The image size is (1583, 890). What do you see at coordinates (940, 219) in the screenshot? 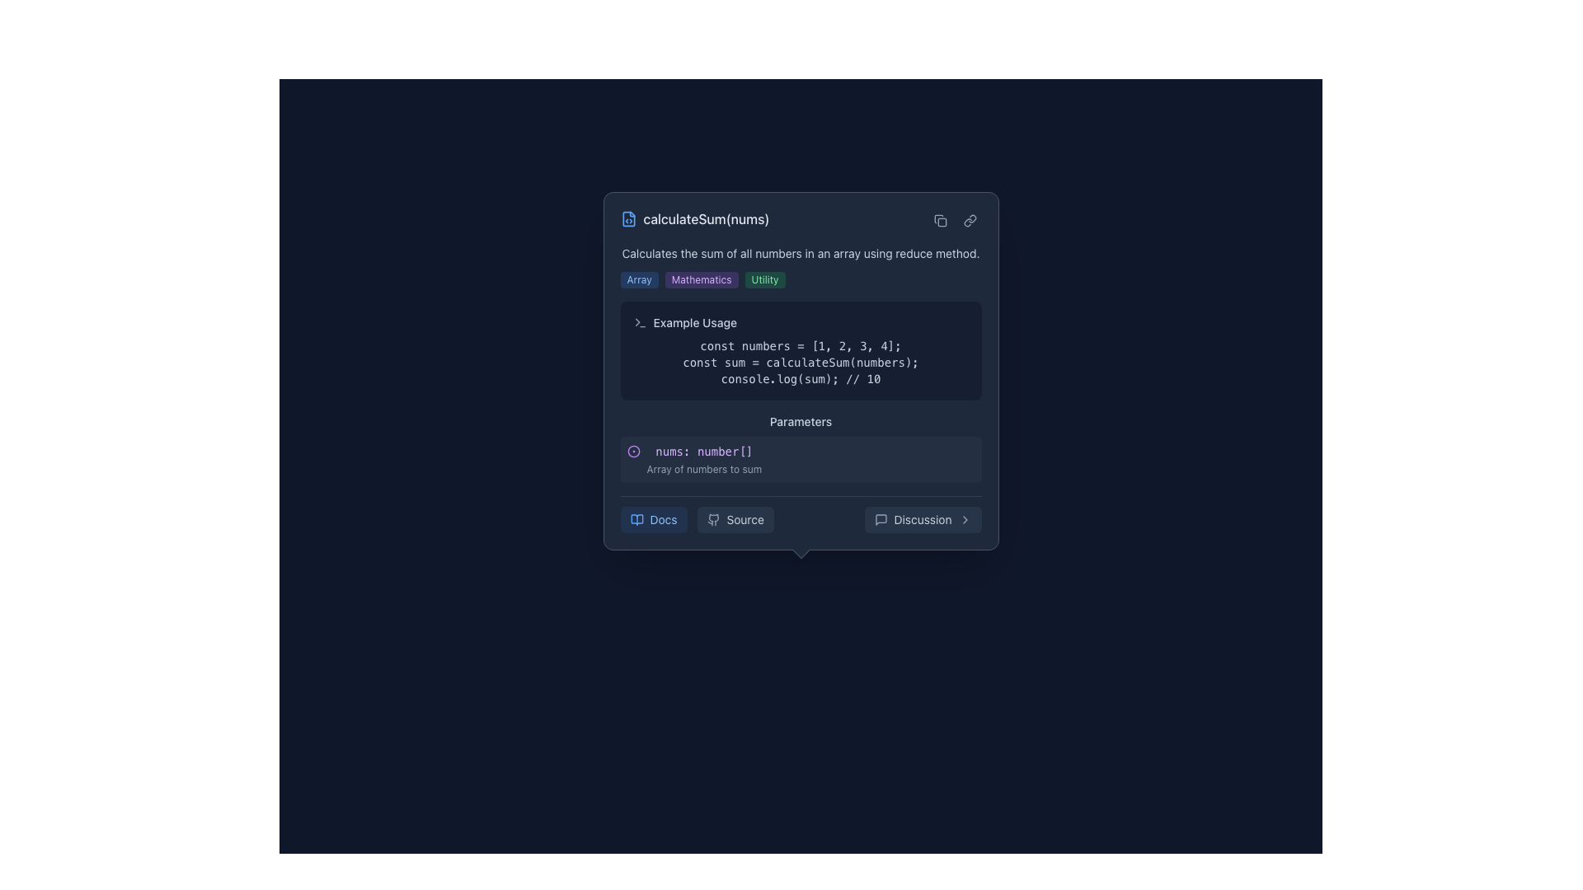
I see `the 'copy' icon button located in the top-right section of the card-like UI component` at bounding box center [940, 219].